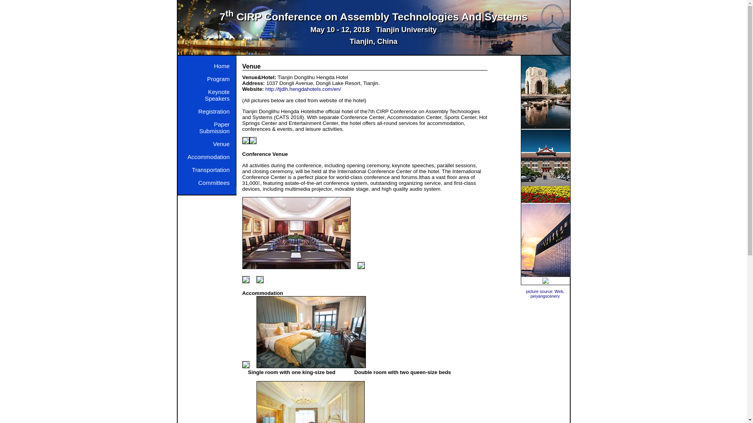 The height and width of the screenshot is (423, 753). What do you see at coordinates (206, 155) in the screenshot?
I see `'Accommodation'` at bounding box center [206, 155].